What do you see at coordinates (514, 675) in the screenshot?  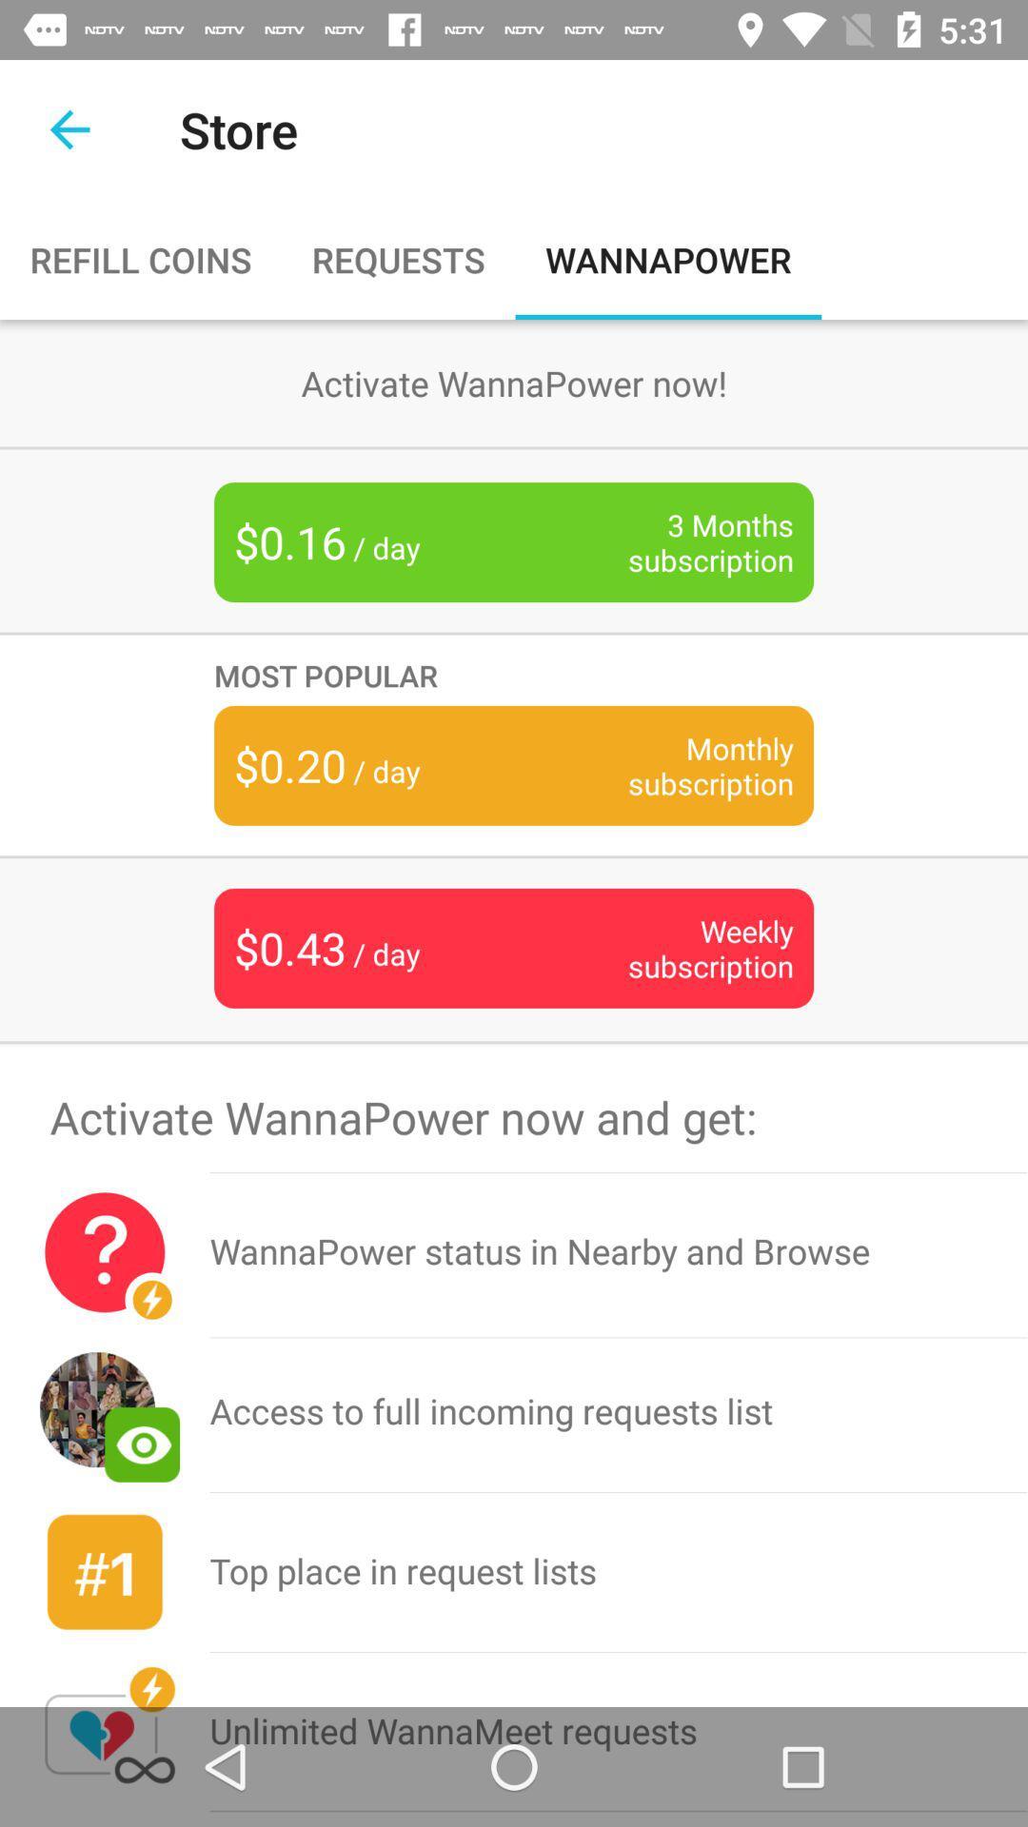 I see `the icon below the 3 months subscription icon` at bounding box center [514, 675].